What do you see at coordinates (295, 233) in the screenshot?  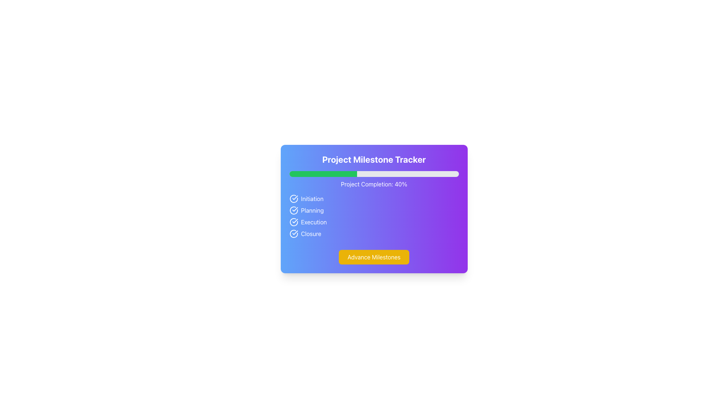 I see `the completion status icon for the 'Closure' milestone in the project tracker, which is the fourth in a vertical list of milestone indicators` at bounding box center [295, 233].